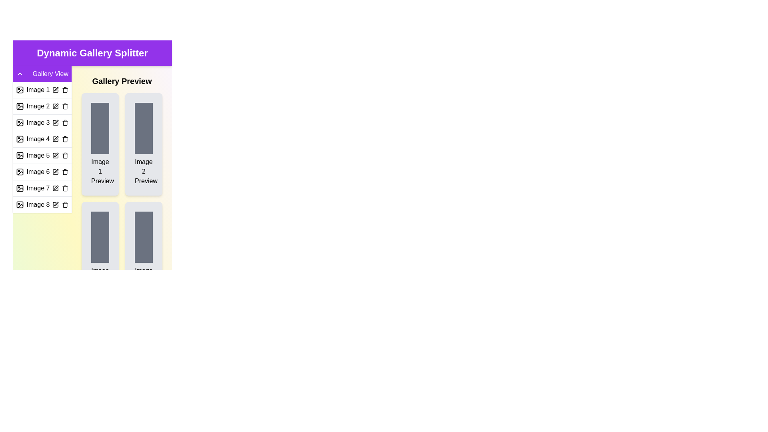  Describe the element at coordinates (38, 156) in the screenshot. I see `the Static text label displaying 'Image 5' in black font, located in the left panel under the 'Gallery View' section, which is the fifth item in a vertical list` at that location.